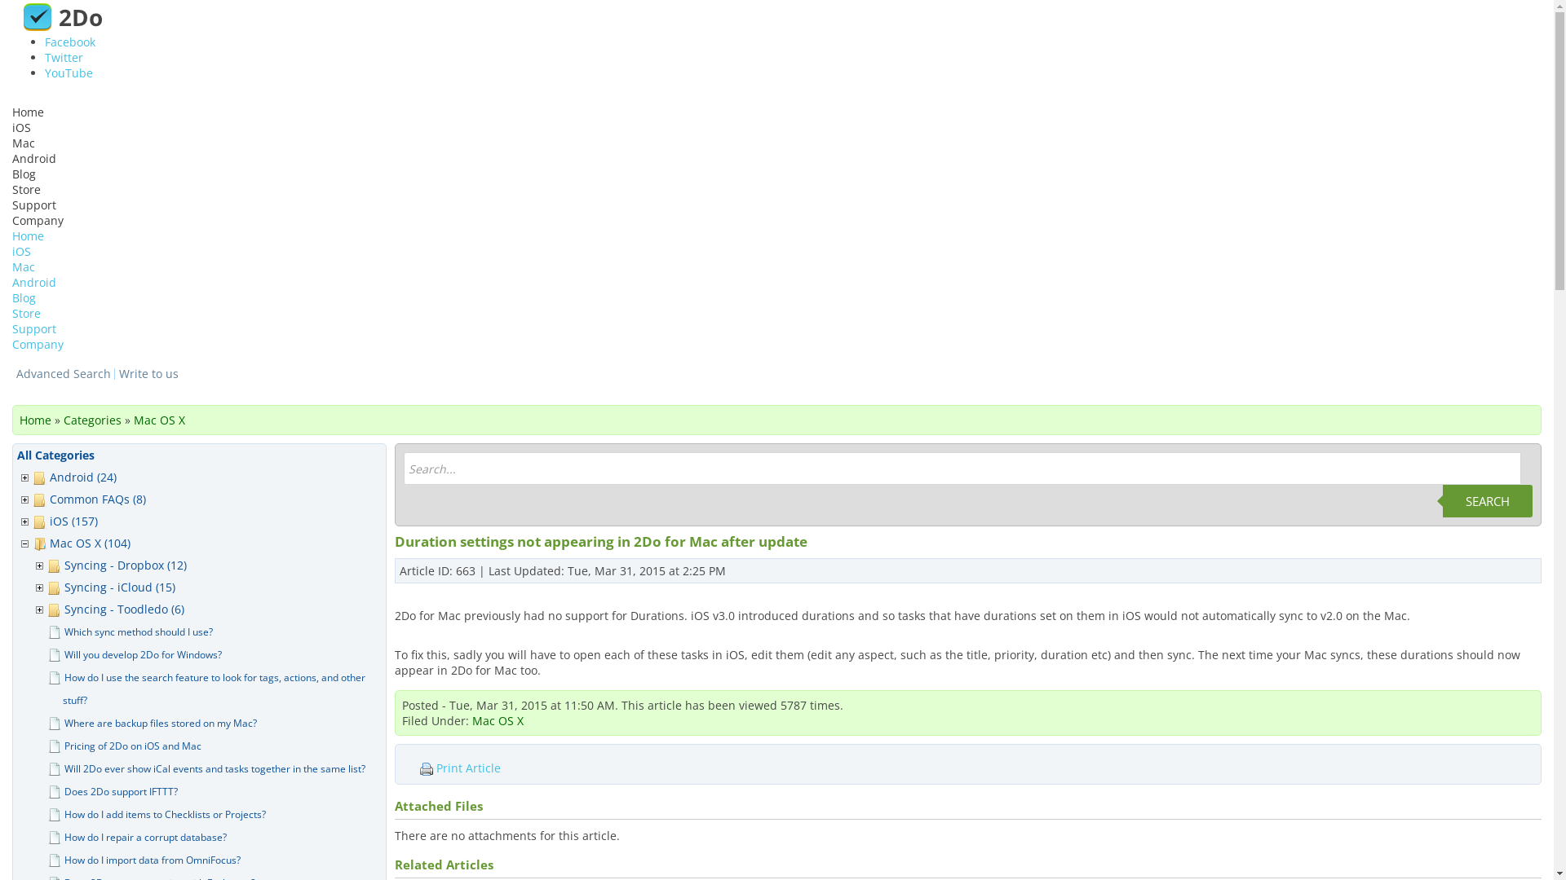 The width and height of the screenshot is (1566, 880). What do you see at coordinates (480, 768) in the screenshot?
I see `'Print Article'` at bounding box center [480, 768].